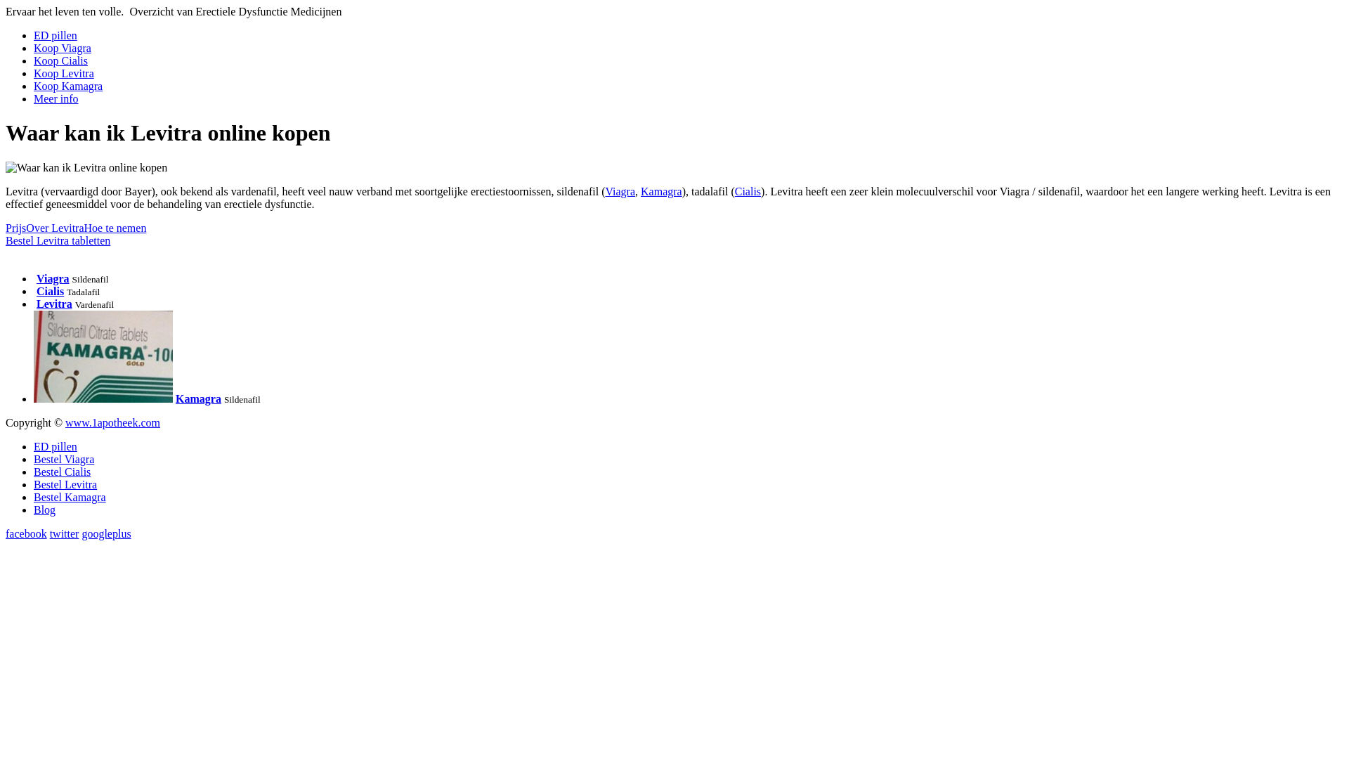  What do you see at coordinates (112, 422) in the screenshot?
I see `'www.1apotheek.com'` at bounding box center [112, 422].